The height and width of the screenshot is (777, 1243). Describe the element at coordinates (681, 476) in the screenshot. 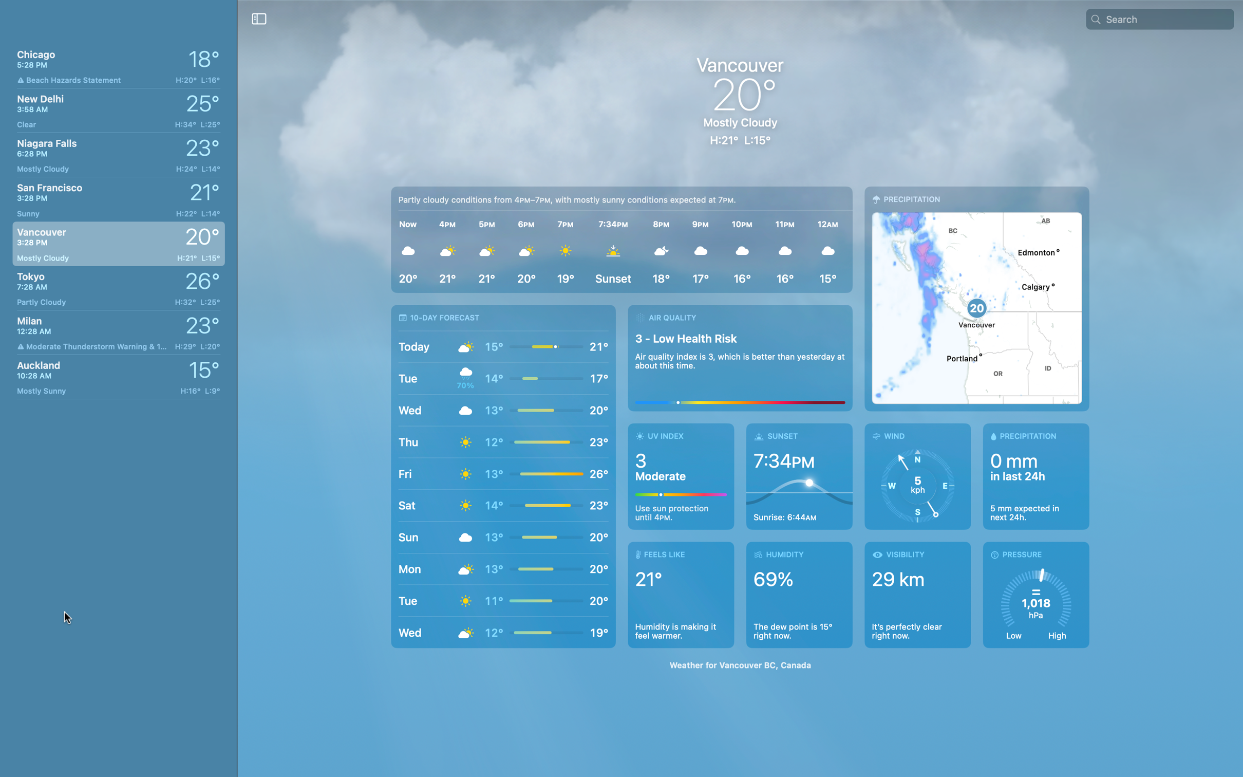

I see `Research today"s UV index in Vancouver` at that location.